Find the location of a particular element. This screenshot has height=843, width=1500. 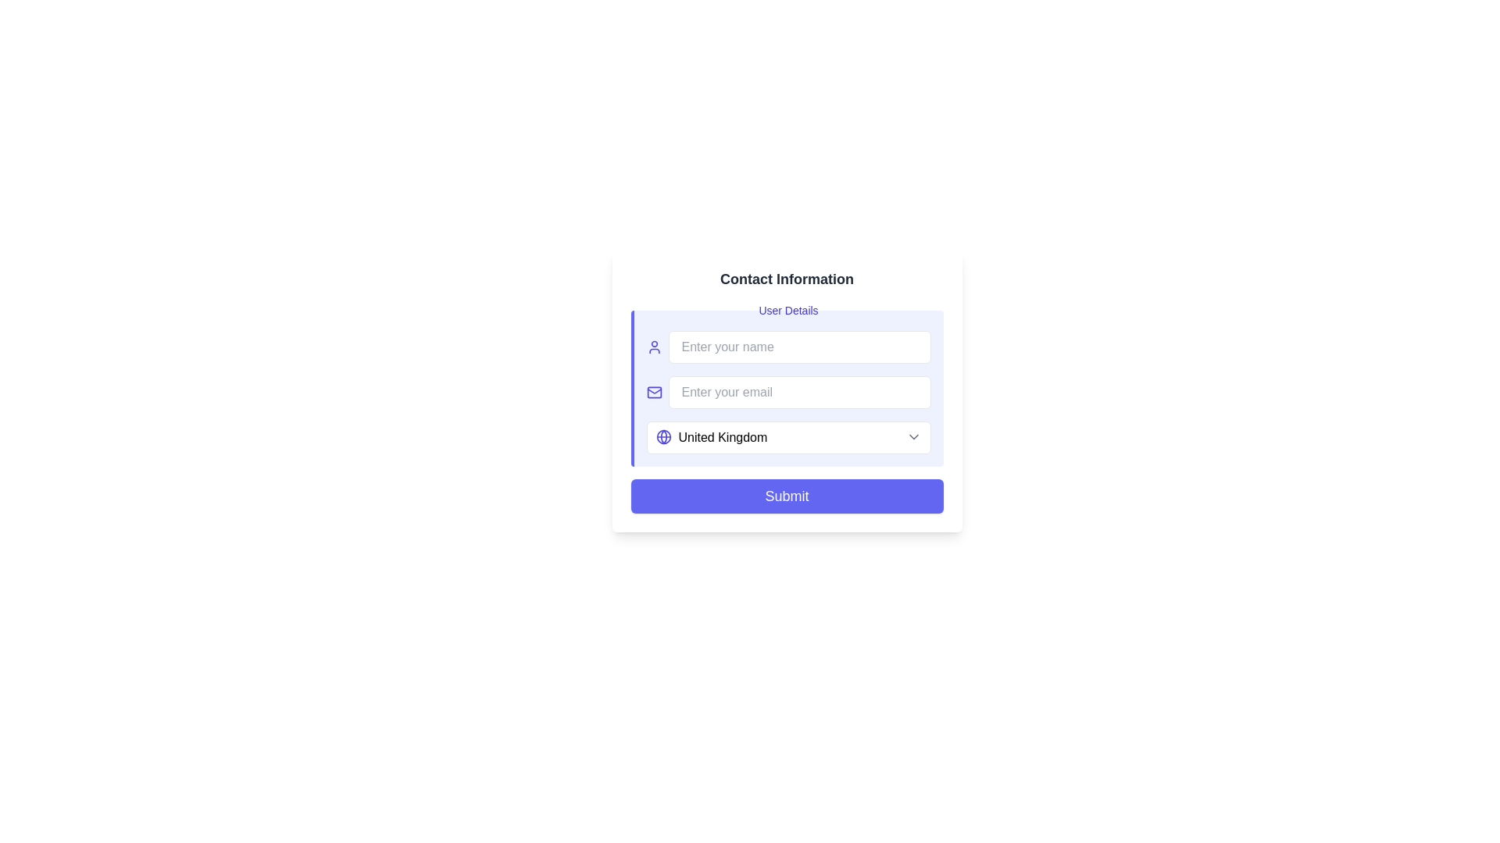

the envelope icon located to the left of the 'Enter your email' input field in the contact information form is located at coordinates (654, 391).